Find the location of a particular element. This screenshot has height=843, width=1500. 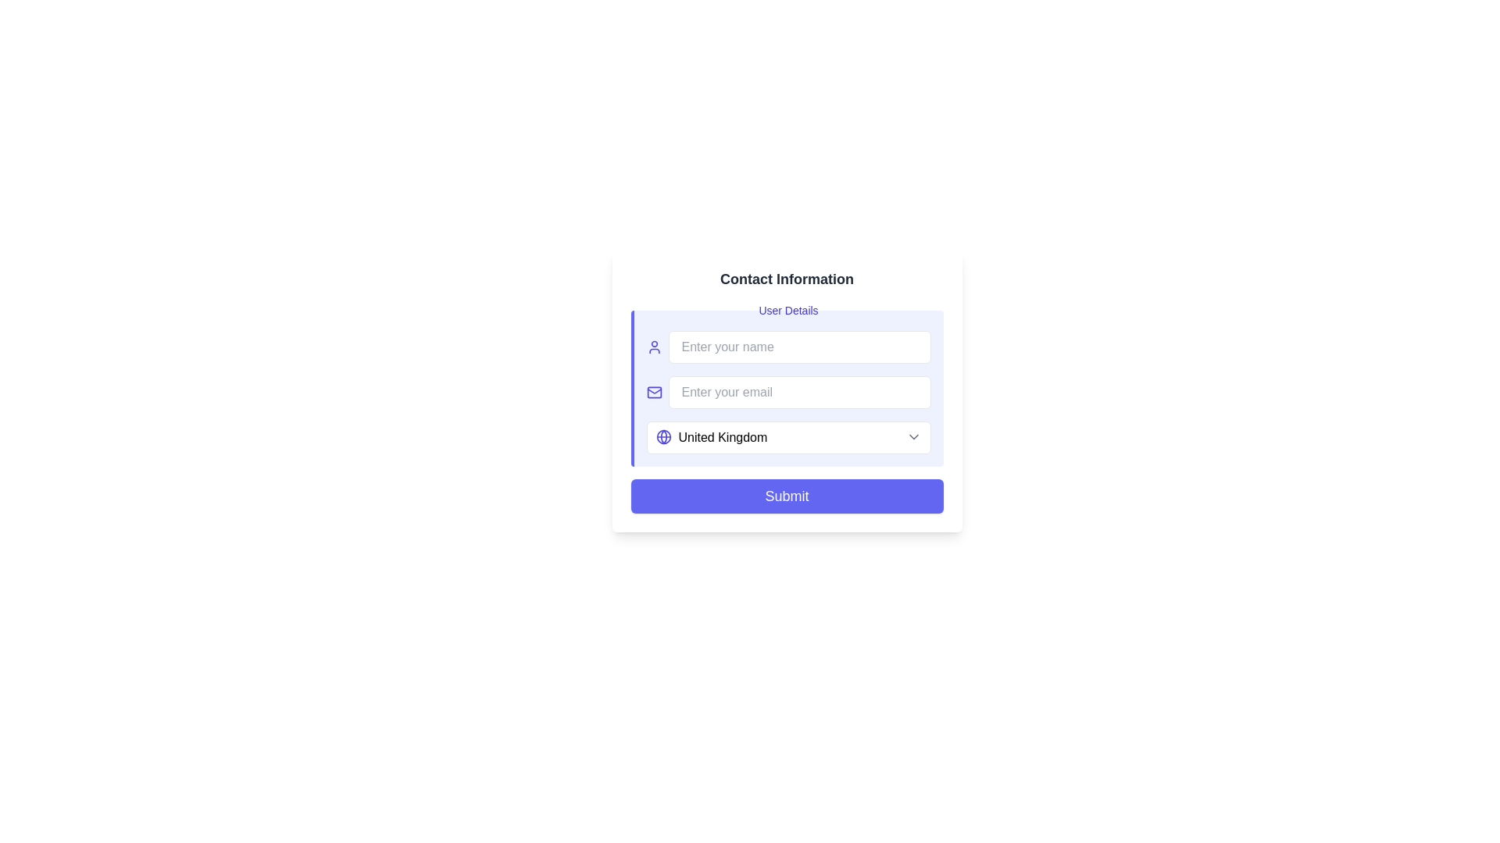

the envelope icon located to the left of the 'Enter your email' input field in the contact information form is located at coordinates (654, 391).